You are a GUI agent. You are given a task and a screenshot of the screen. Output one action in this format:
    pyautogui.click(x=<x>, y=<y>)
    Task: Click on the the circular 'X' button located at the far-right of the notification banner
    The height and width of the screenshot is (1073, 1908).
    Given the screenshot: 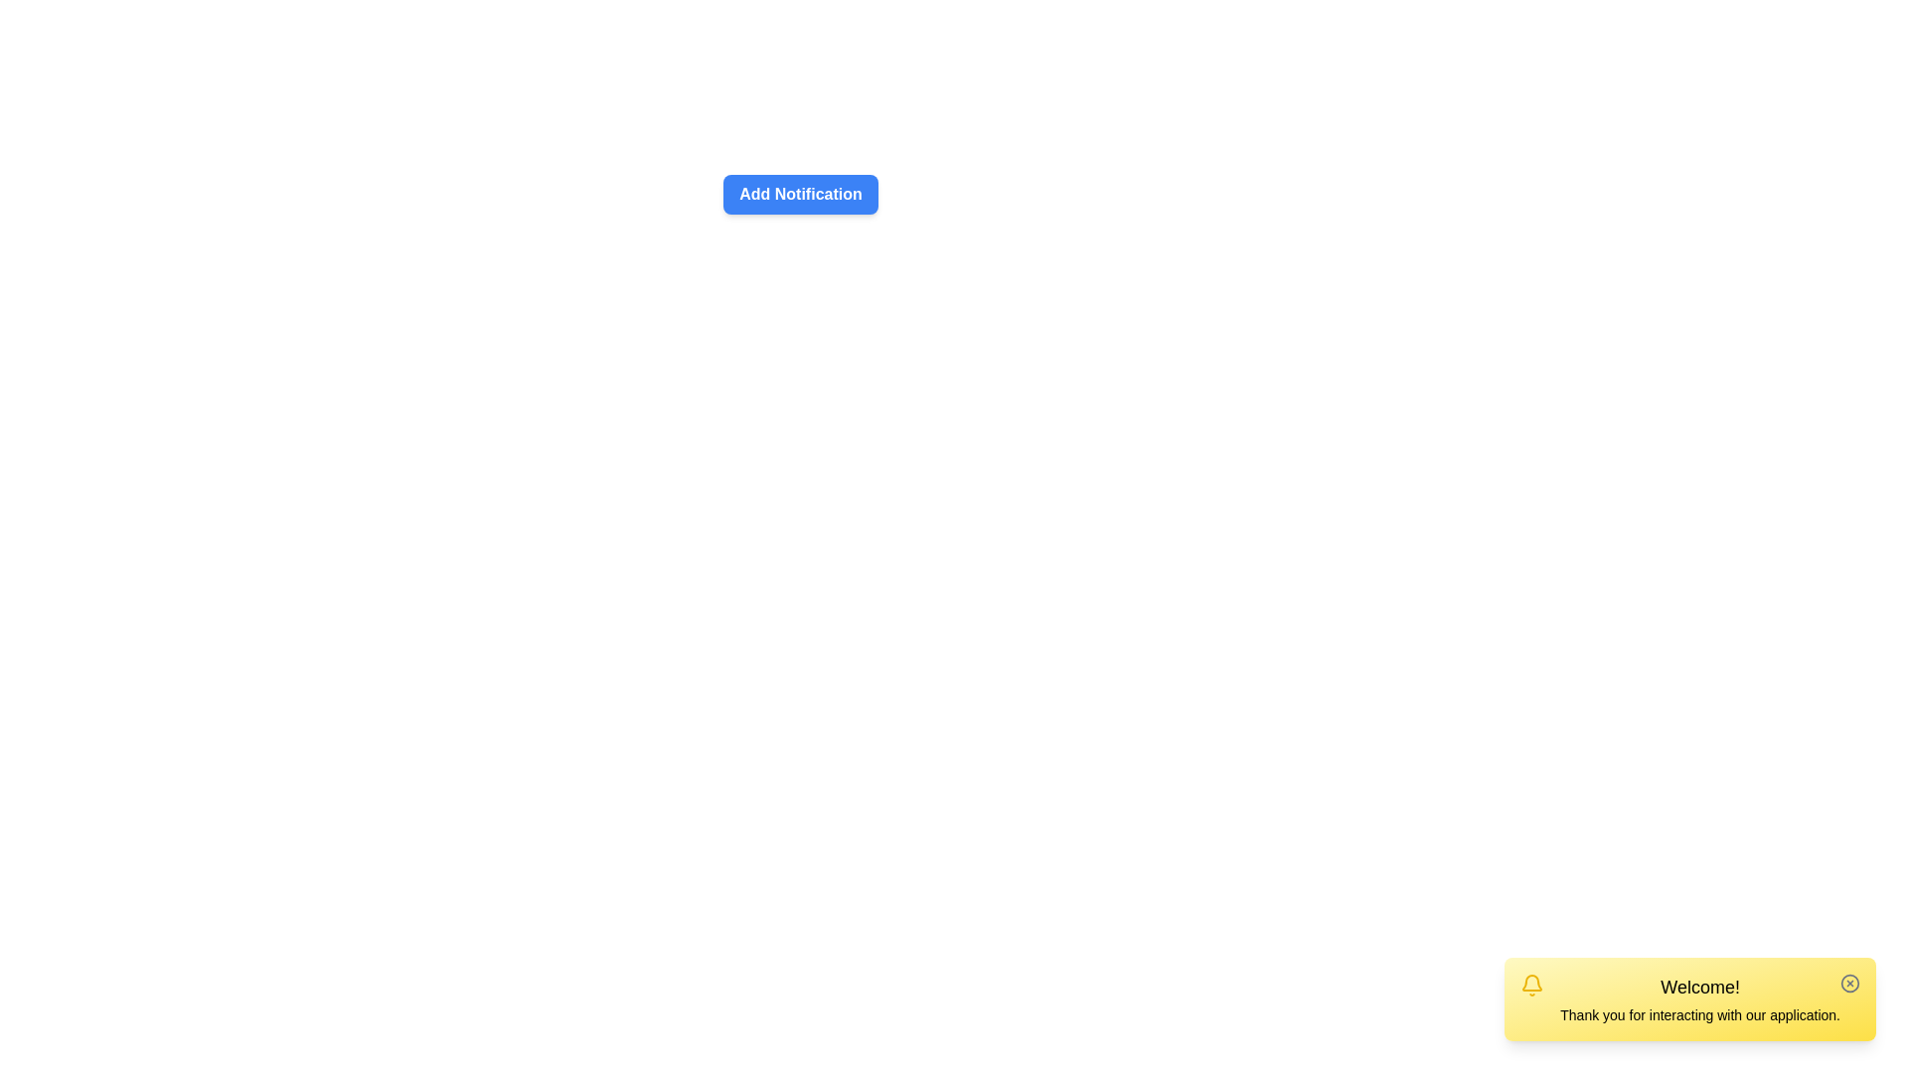 What is the action you would take?
    pyautogui.click(x=1849, y=984)
    